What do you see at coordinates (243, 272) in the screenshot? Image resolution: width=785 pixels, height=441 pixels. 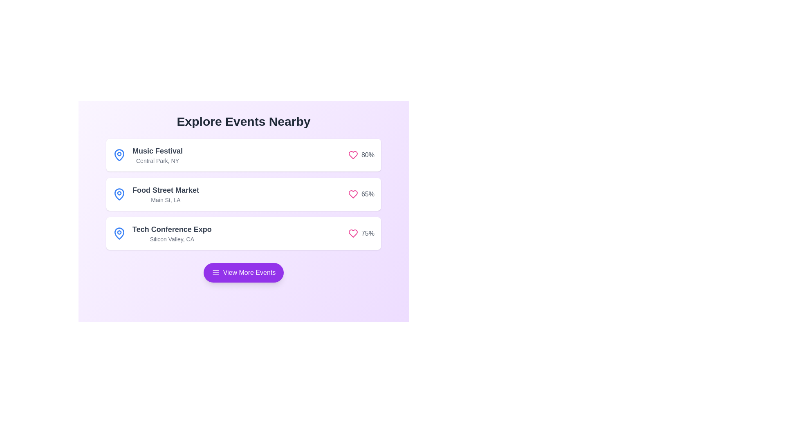 I see `the button located at the bottom center of the events panel` at bounding box center [243, 272].